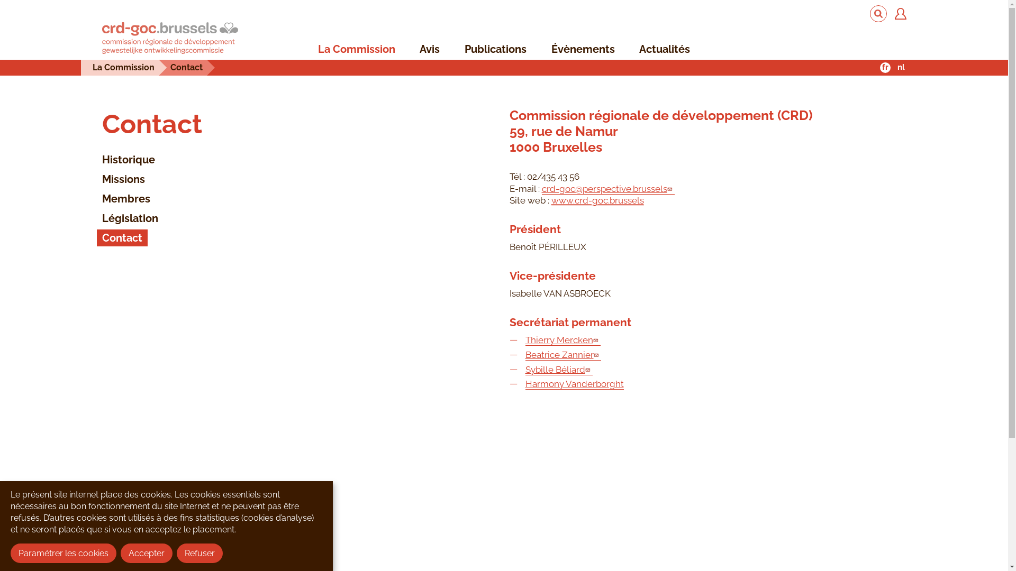  I want to click on 'Historique', so click(102, 159).